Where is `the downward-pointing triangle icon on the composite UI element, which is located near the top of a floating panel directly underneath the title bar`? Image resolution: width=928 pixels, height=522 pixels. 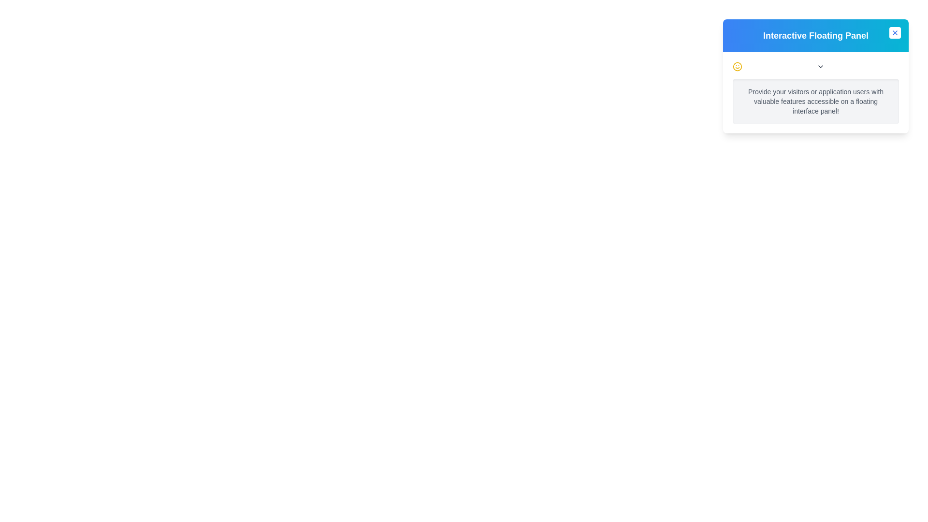
the downward-pointing triangle icon on the composite UI element, which is located near the top of a floating panel directly underneath the title bar is located at coordinates (815, 66).